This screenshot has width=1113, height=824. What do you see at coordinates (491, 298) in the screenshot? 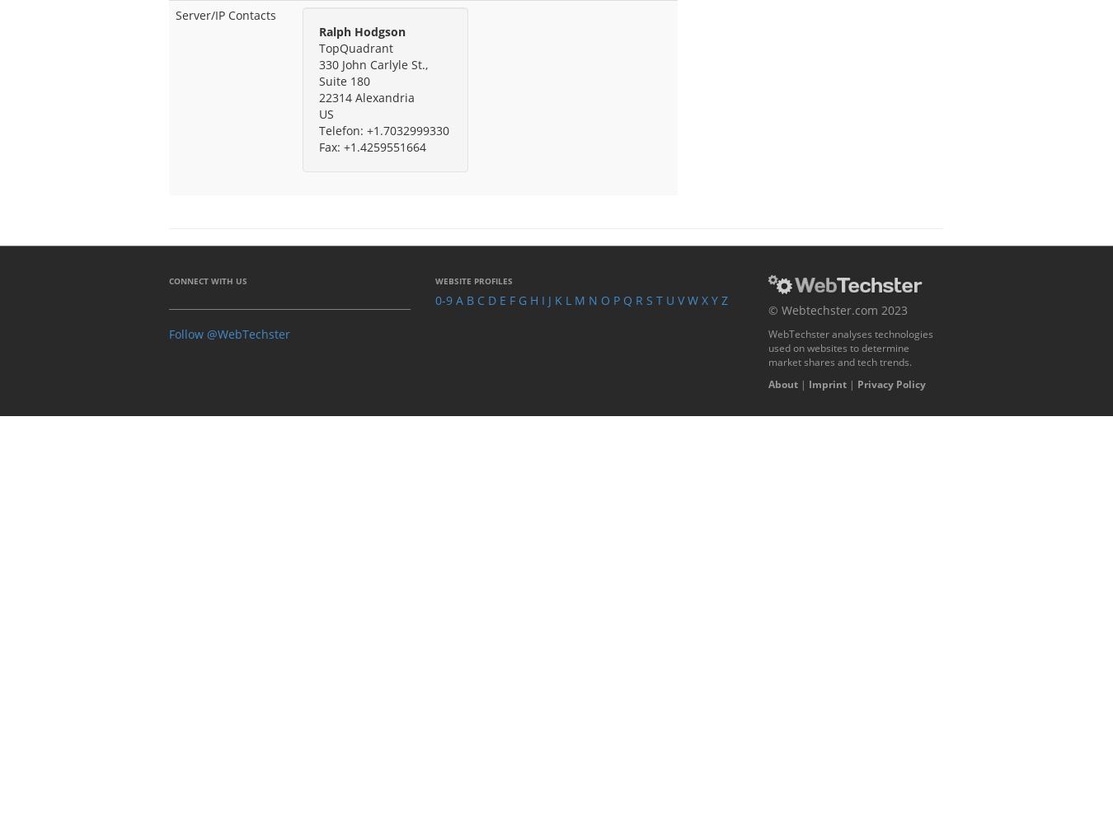
I see `'D'` at bounding box center [491, 298].